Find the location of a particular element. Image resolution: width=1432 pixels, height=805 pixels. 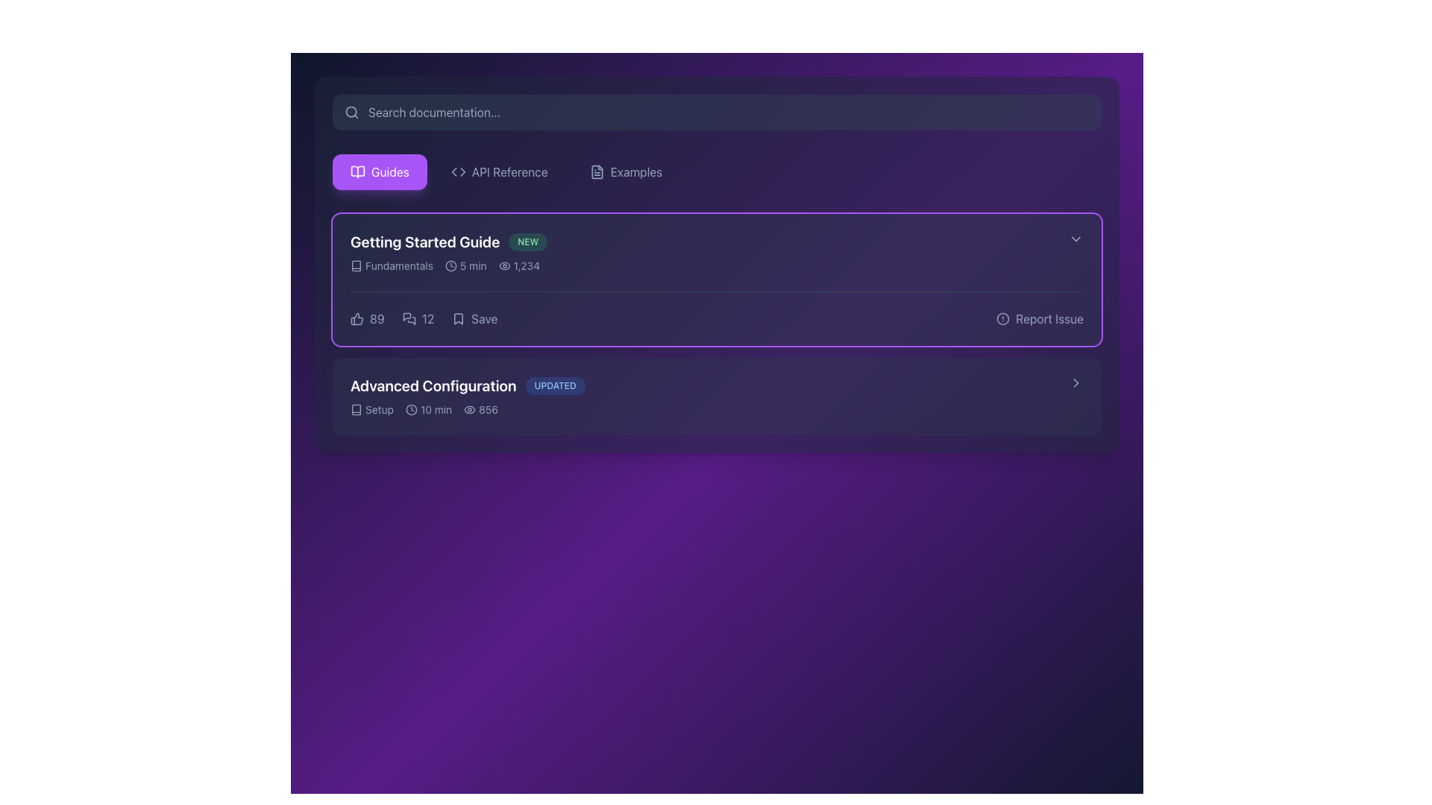

the clock icon located to the left of the '5 min' text in the 'Getting Started Guide' section is located at coordinates (450, 265).